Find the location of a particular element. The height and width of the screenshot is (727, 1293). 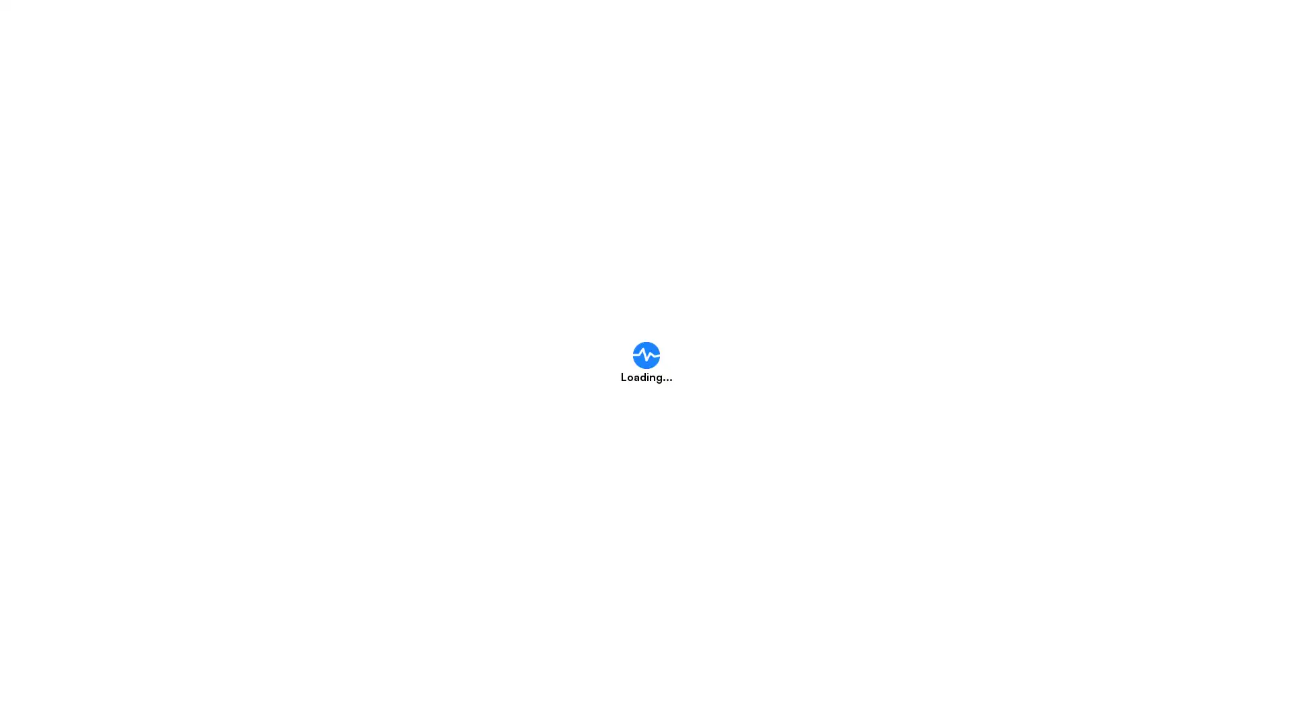

Support is located at coordinates (826, 26).